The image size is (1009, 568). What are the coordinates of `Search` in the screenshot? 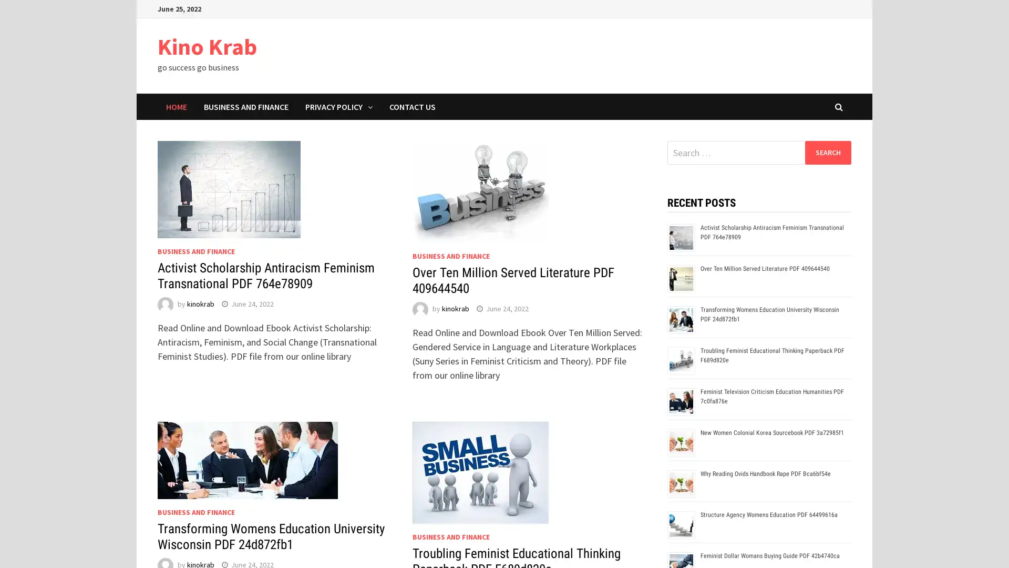 It's located at (827, 152).